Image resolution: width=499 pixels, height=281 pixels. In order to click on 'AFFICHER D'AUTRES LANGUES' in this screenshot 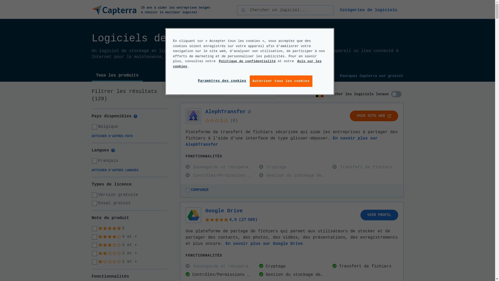, I will do `click(114, 170)`.